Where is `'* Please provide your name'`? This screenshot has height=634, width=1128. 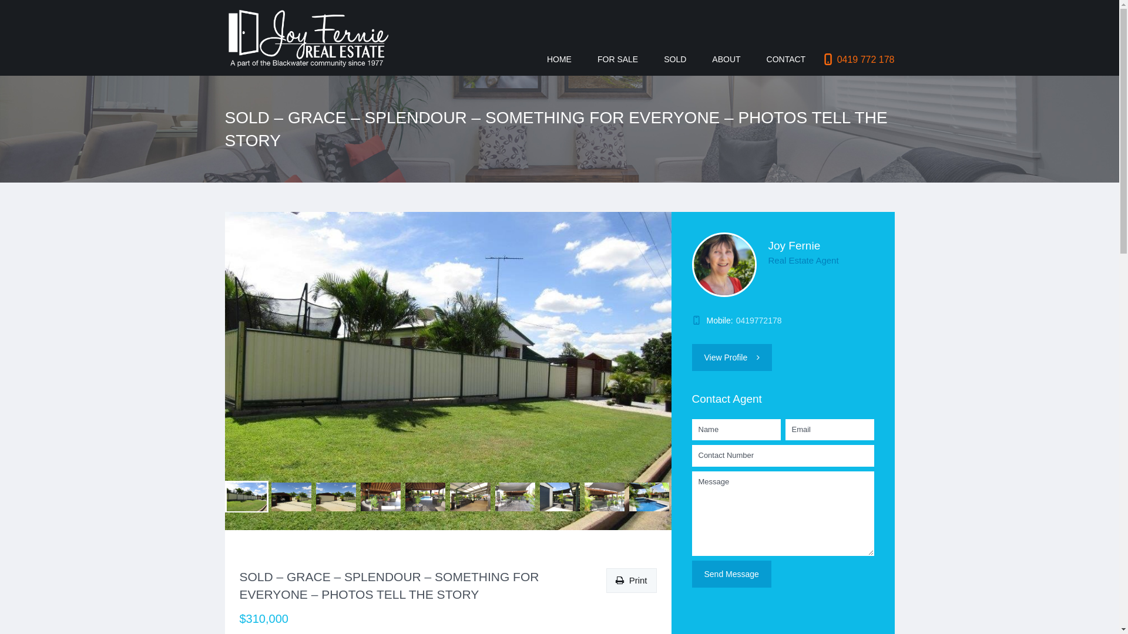 '* Please provide your name' is located at coordinates (736, 430).